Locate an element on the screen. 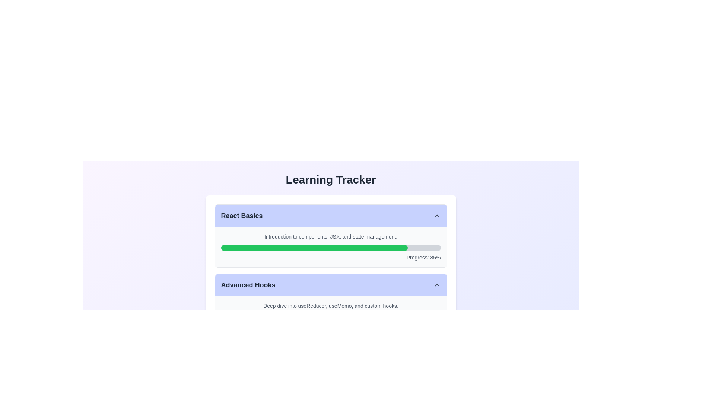 This screenshot has height=402, width=715. the progress represented by the sleek, rectangular progress bar with rounded ends, located under the text 'Overview of CSS-in-JS, Tailwind, and styled-components.' and above 'Progress: 40%.' is located at coordinates (330, 386).